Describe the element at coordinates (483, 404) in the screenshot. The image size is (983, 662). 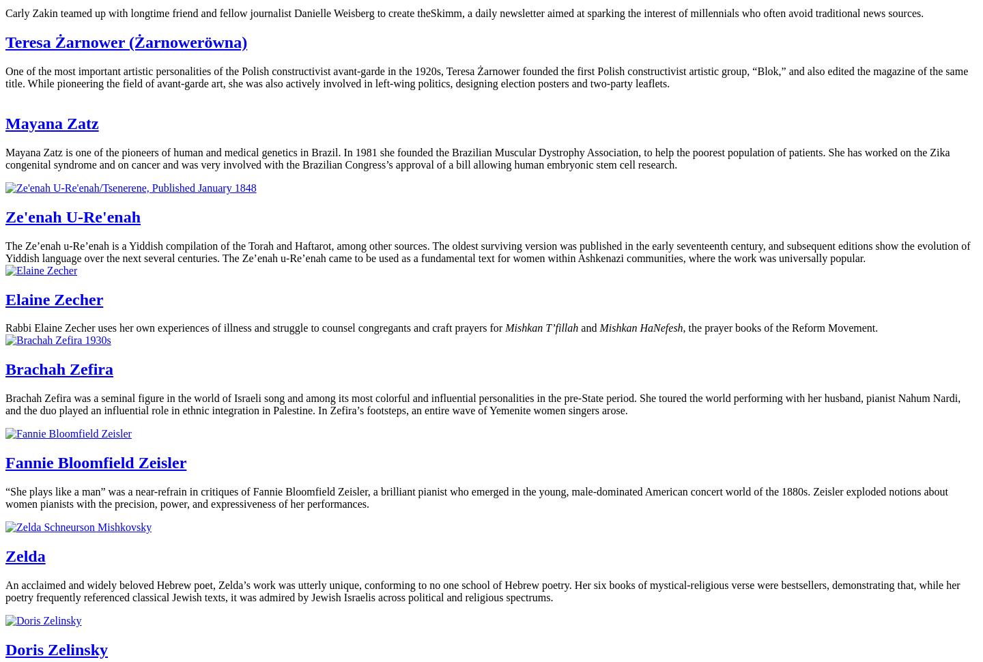
I see `'Brachah Zefira was a seminal figure in the world of Israeli song and among its most colorful and influential personalities in the pre-State period. She toured the world performing with her husband, pianist Nahum Nardi, and the duo played an influential role in ethnic integration in Palestine. In Zefira’s footsteps, an entire wave of Yemenite women singers arose.'` at that location.